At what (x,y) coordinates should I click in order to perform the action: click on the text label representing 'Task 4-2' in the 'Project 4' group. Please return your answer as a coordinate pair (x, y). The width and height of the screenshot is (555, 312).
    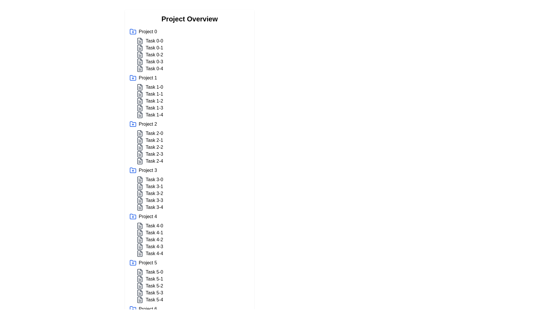
    Looking at the image, I should click on (154, 239).